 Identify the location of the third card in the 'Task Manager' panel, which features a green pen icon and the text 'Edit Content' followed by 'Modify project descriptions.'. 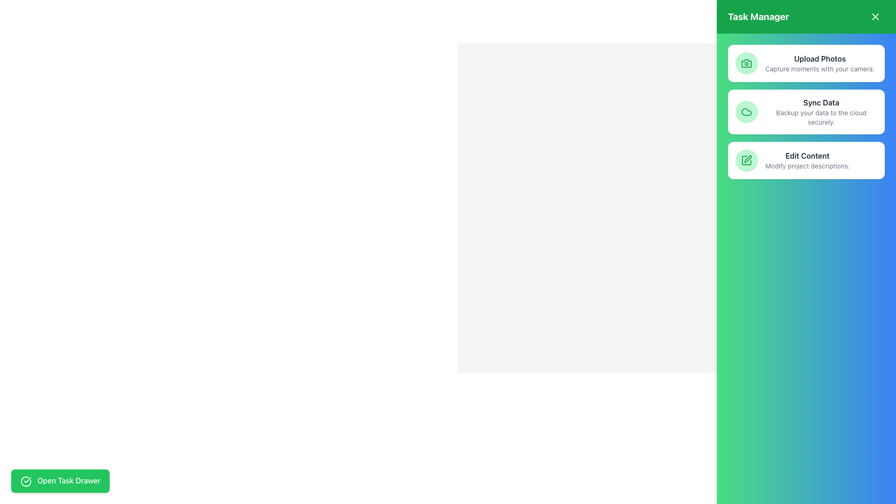
(806, 160).